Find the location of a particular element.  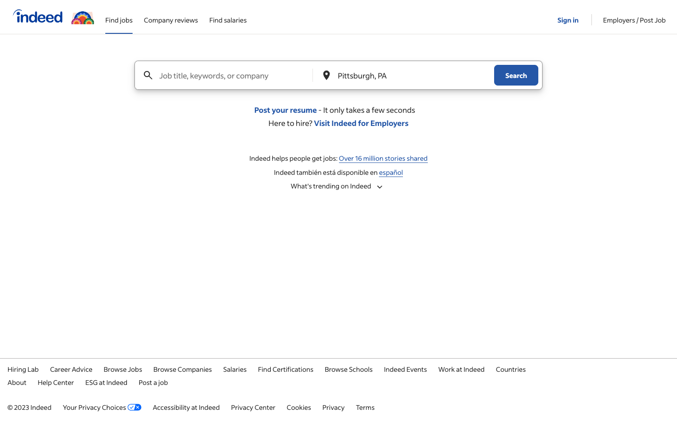

Upload your resume on the website is located at coordinates (285, 109).